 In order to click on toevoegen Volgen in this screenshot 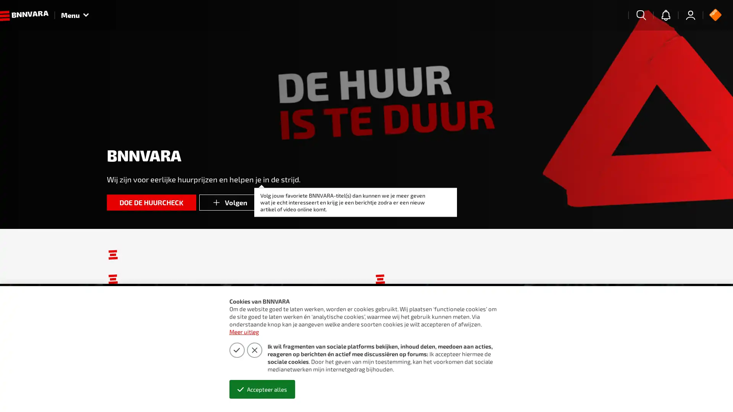, I will do `click(229, 202)`.